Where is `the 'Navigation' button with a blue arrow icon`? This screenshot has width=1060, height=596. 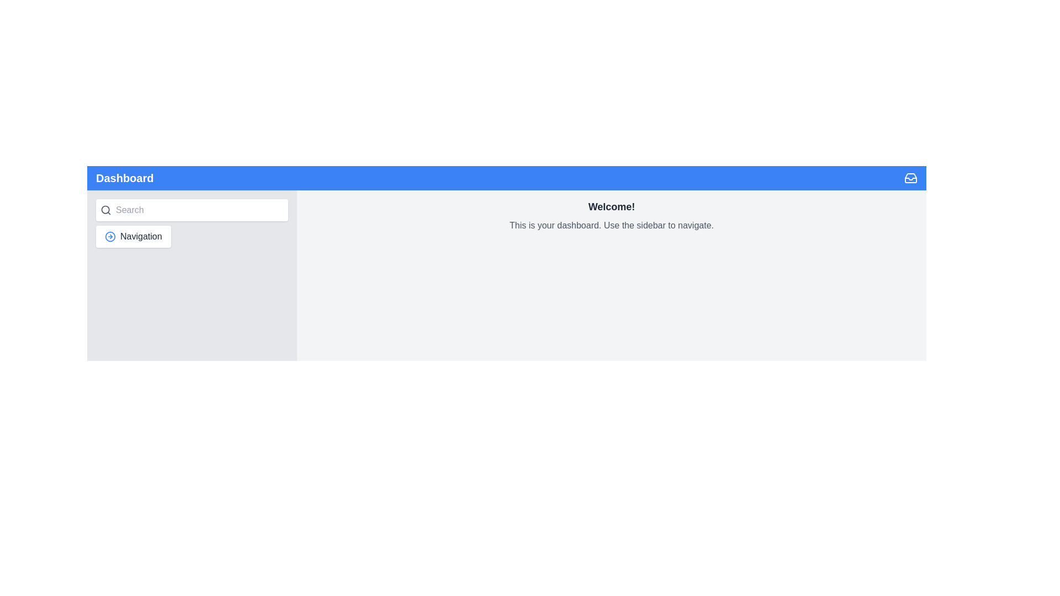 the 'Navigation' button with a blue arrow icon is located at coordinates (132, 236).